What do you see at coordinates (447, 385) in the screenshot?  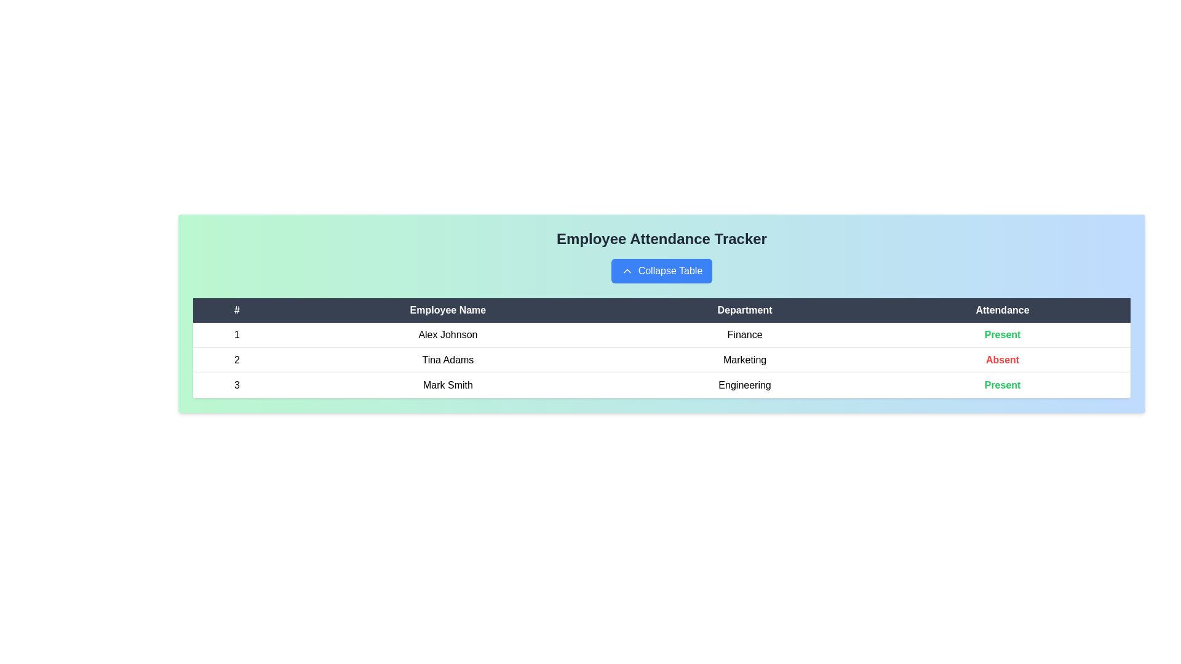 I see `the row corresponding to Mark Smith to view their details` at bounding box center [447, 385].